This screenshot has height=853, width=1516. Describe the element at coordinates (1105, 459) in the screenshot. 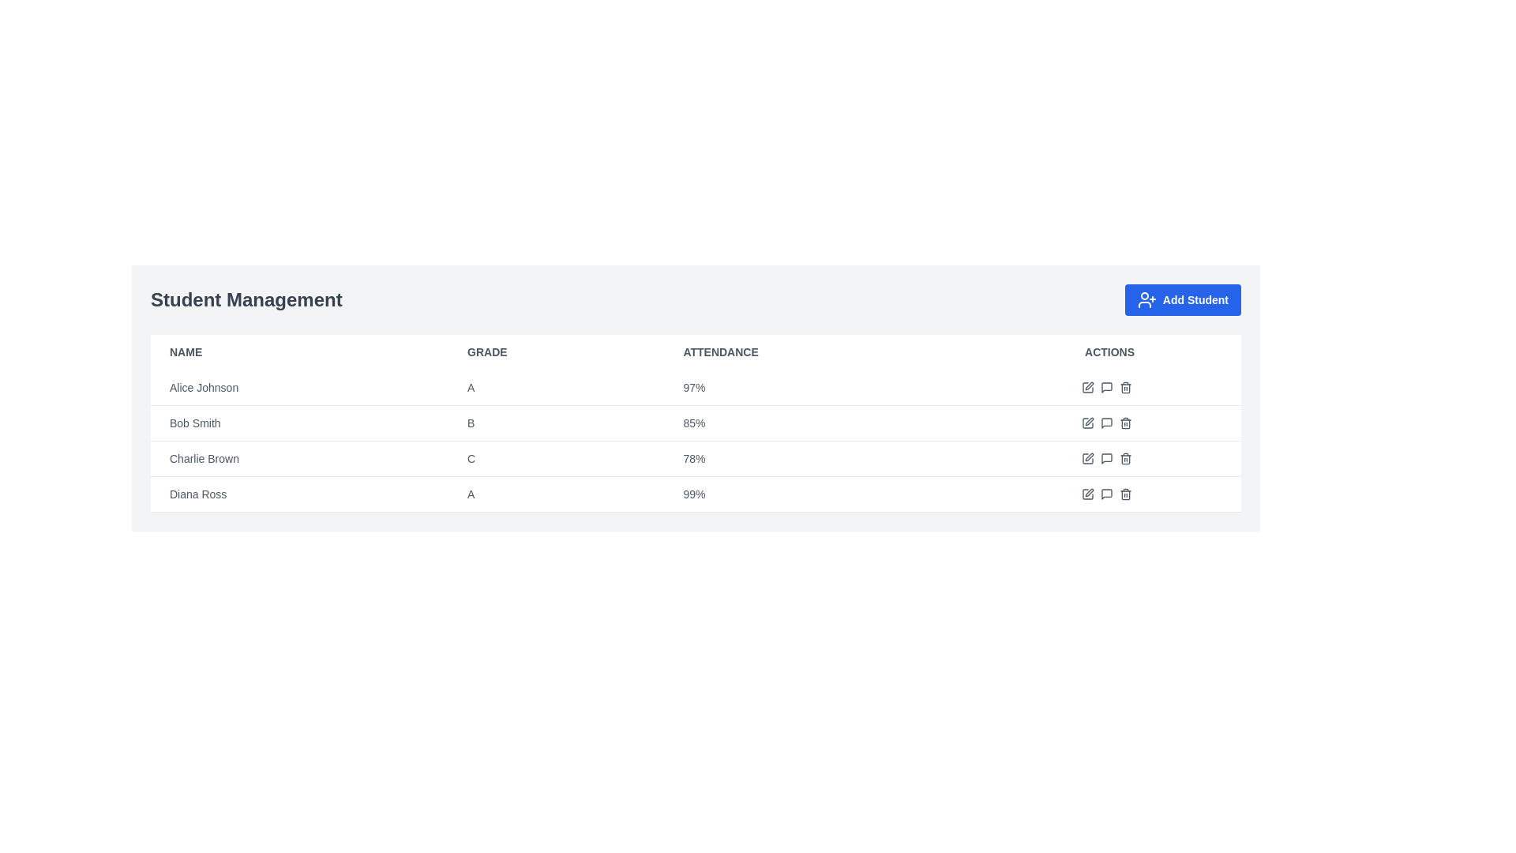

I see `the speech bubble icon button located in the 'Actions' column for student 'Charlie Brown'` at that location.